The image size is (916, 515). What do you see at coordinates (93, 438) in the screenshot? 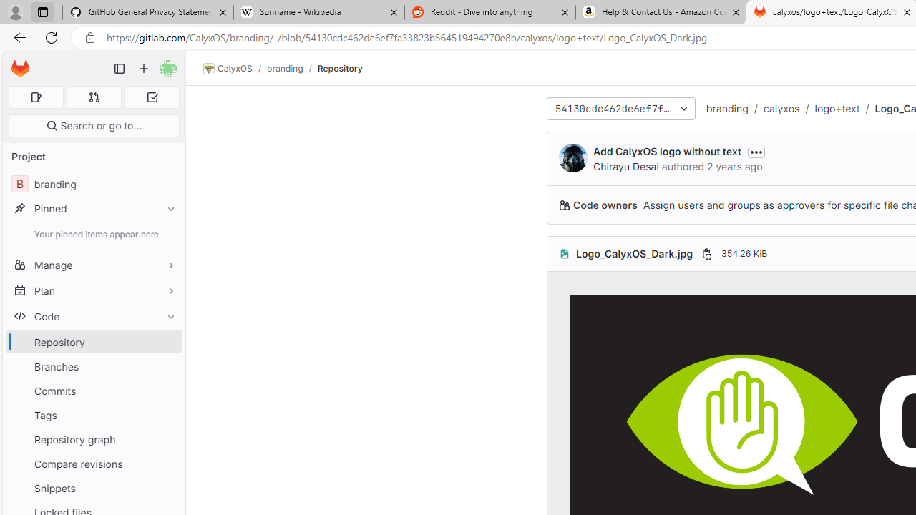
I see `'Repository graph'` at bounding box center [93, 438].